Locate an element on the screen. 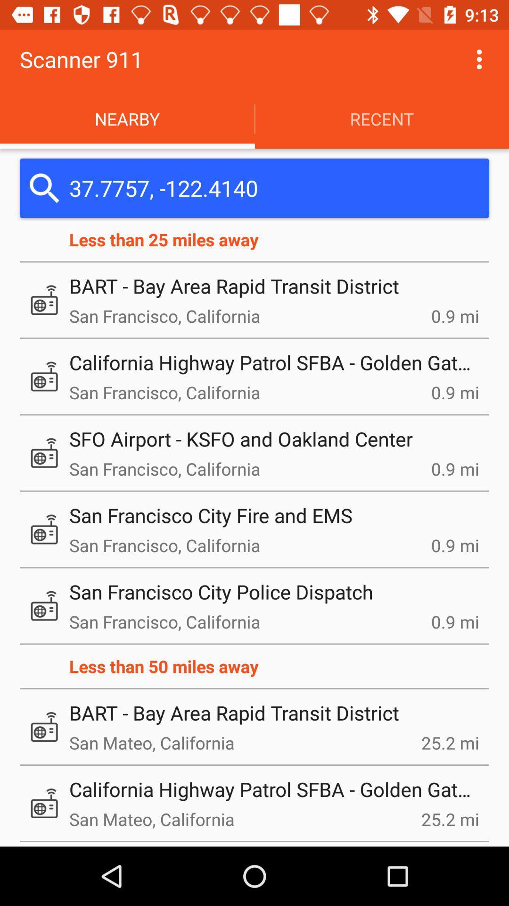 Image resolution: width=509 pixels, height=906 pixels. drop down menu is located at coordinates (479, 59).